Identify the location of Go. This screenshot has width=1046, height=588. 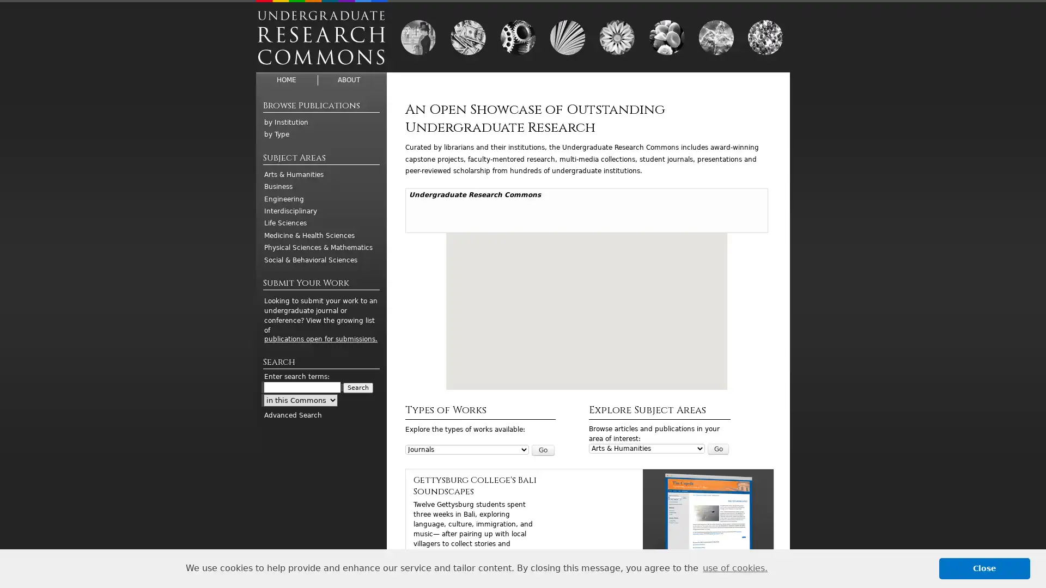
(718, 449).